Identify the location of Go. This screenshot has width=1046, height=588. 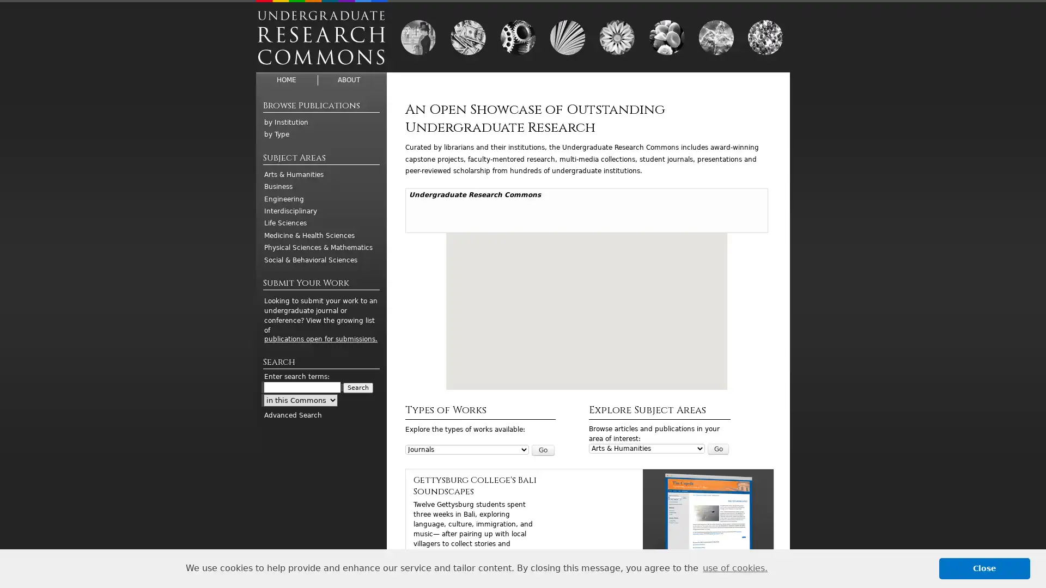
(718, 449).